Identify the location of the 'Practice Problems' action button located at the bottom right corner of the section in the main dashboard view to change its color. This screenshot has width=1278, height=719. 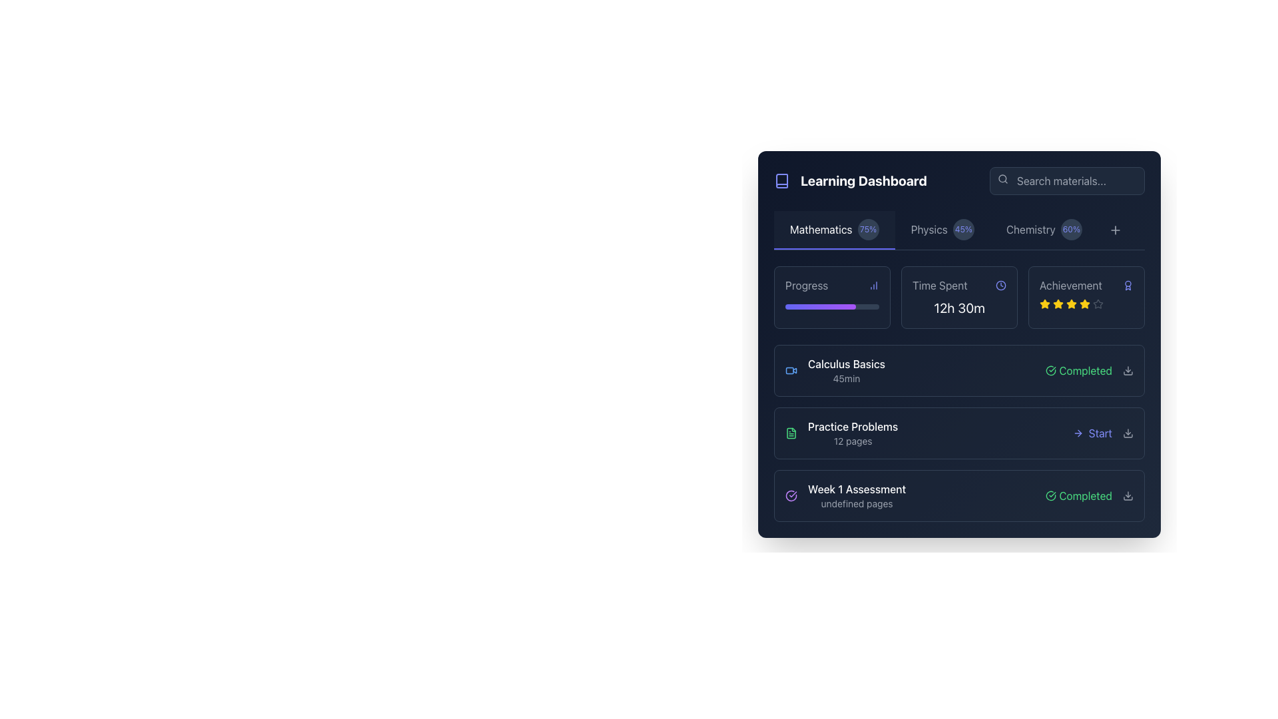
(1103, 433).